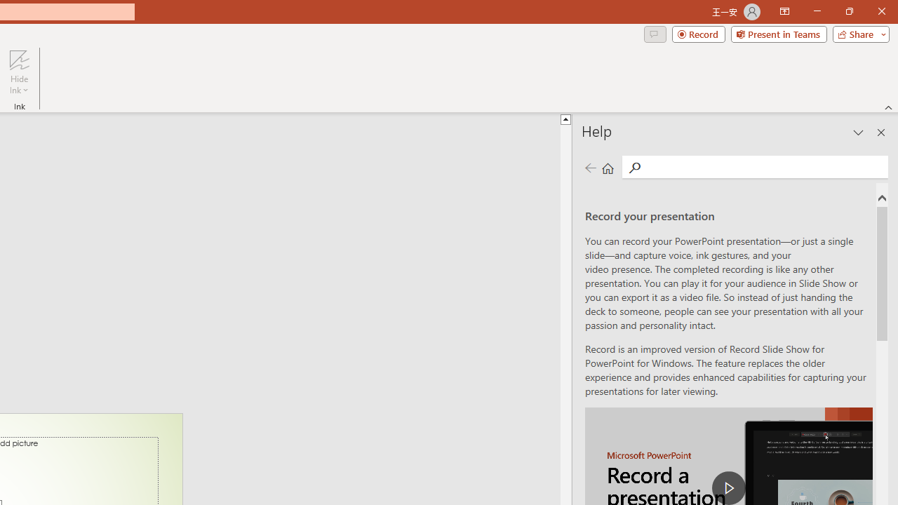 The height and width of the screenshot is (505, 898). I want to click on 'play Record a Presentation', so click(728, 487).